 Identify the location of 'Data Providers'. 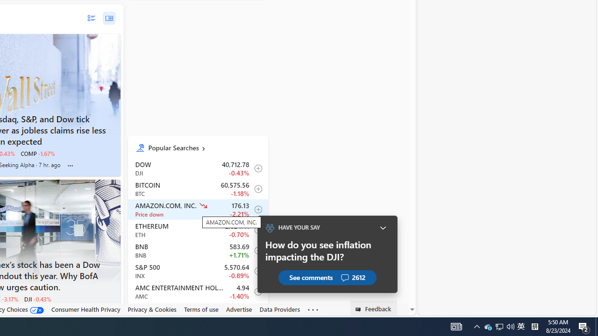
(279, 309).